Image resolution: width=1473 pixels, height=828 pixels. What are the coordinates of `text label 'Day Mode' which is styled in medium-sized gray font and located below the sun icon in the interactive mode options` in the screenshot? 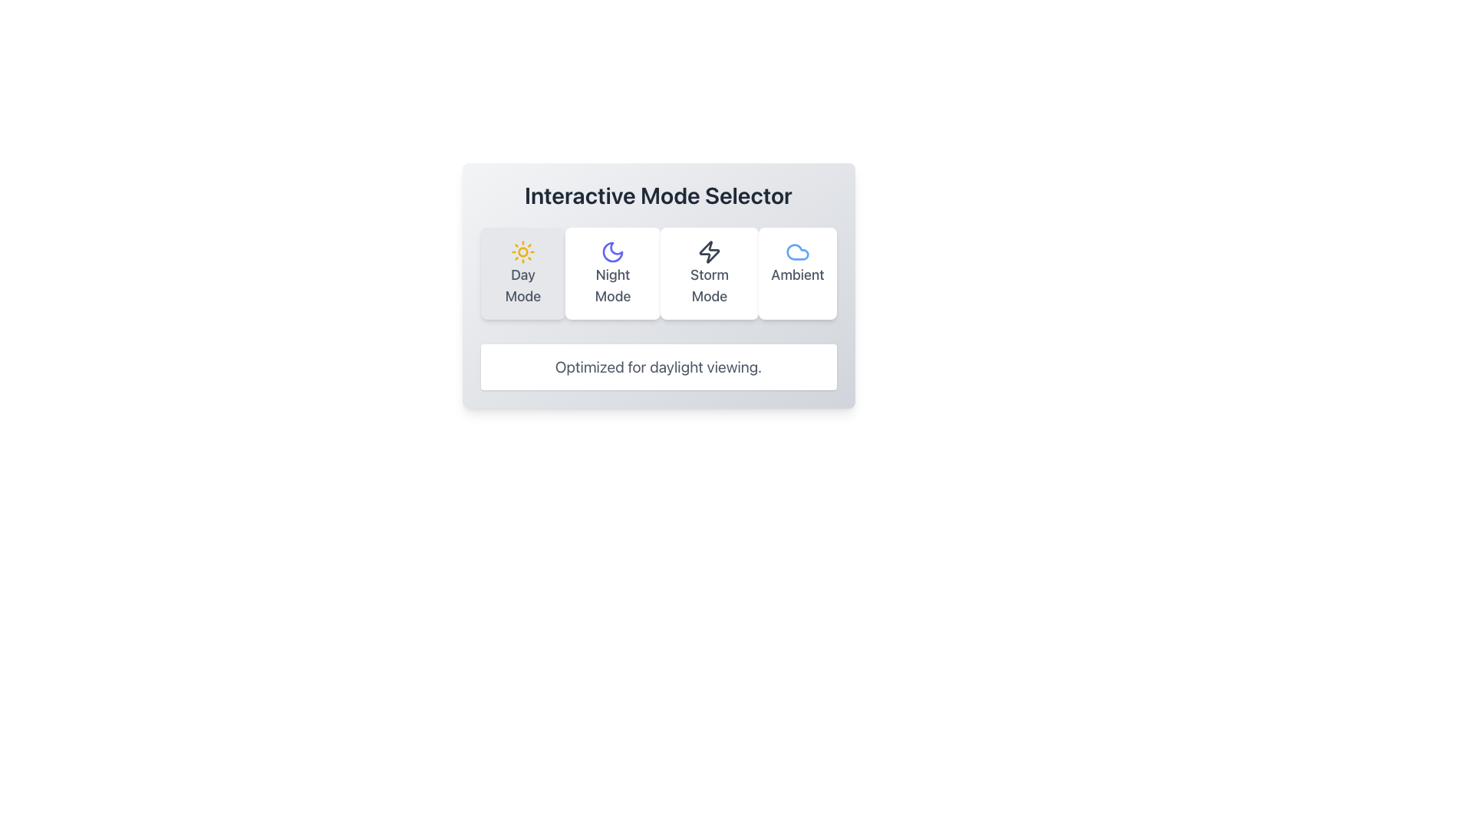 It's located at (522, 286).